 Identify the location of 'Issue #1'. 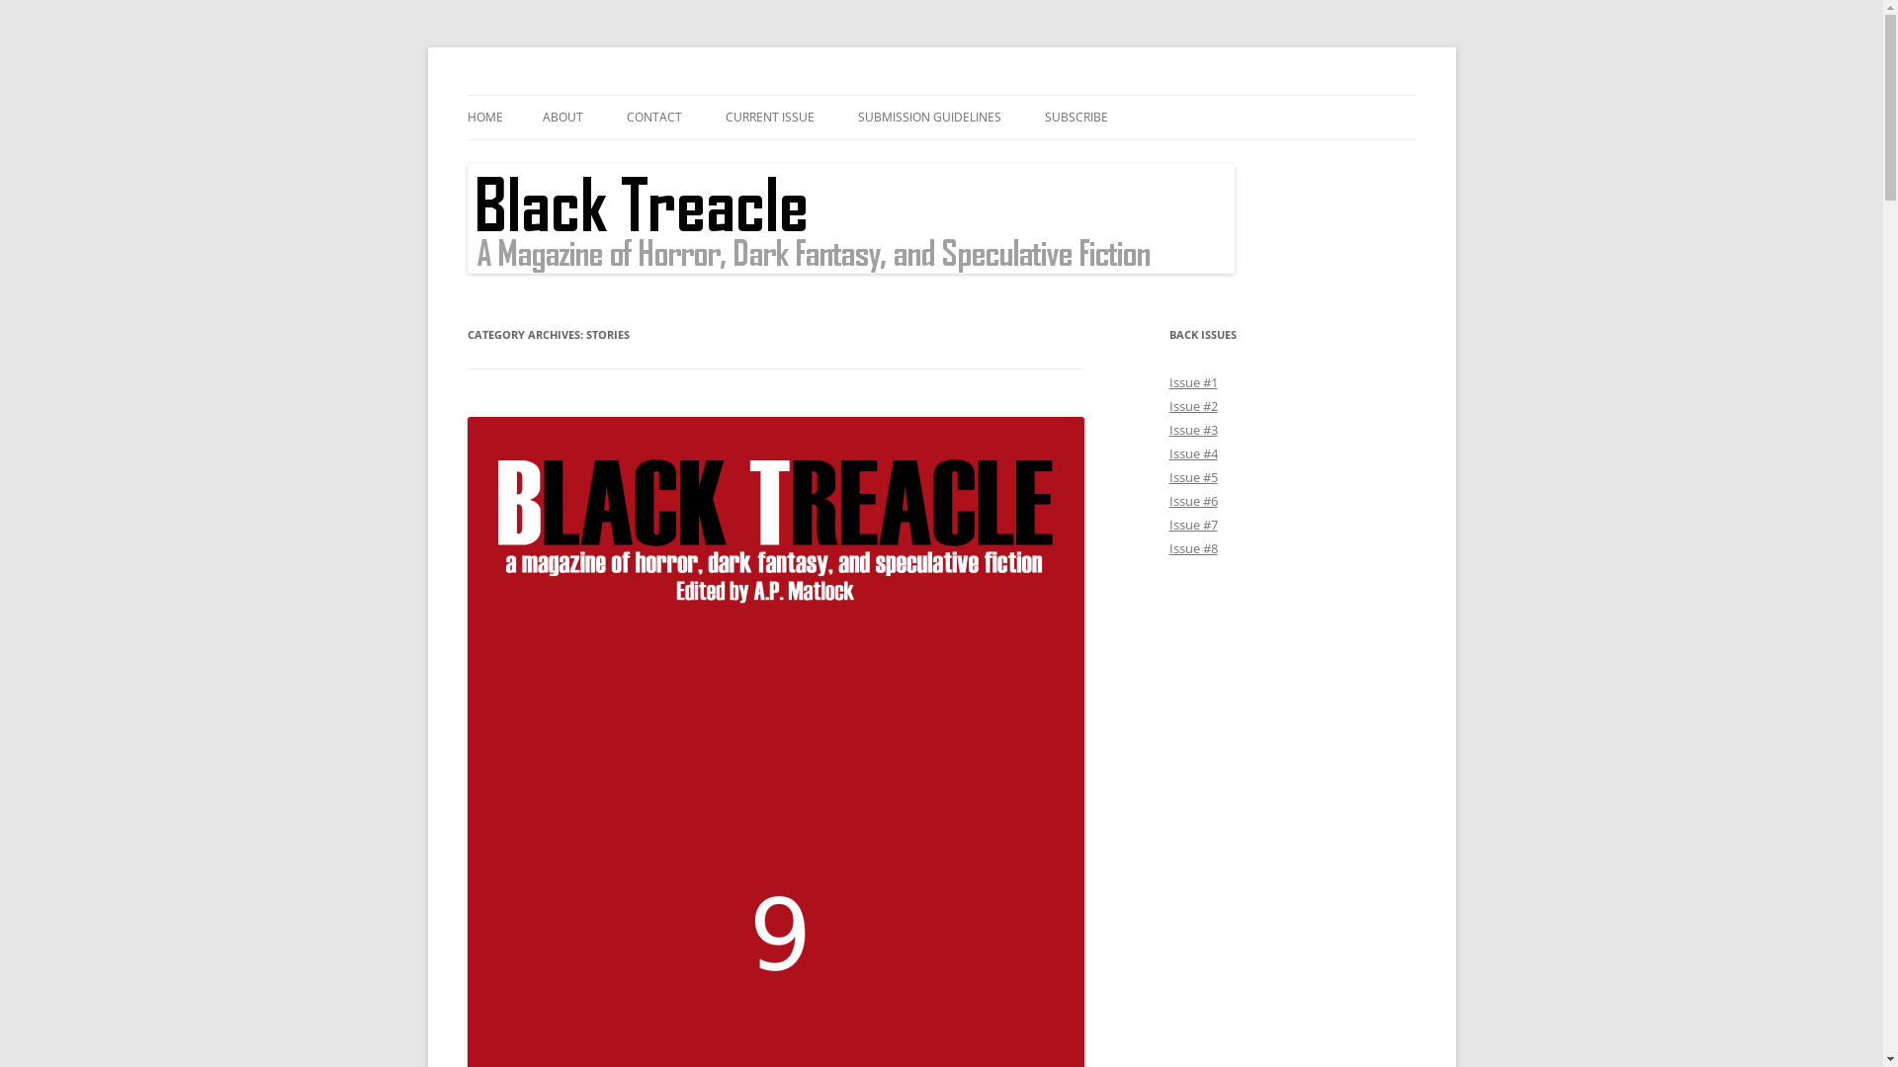
(1191, 381).